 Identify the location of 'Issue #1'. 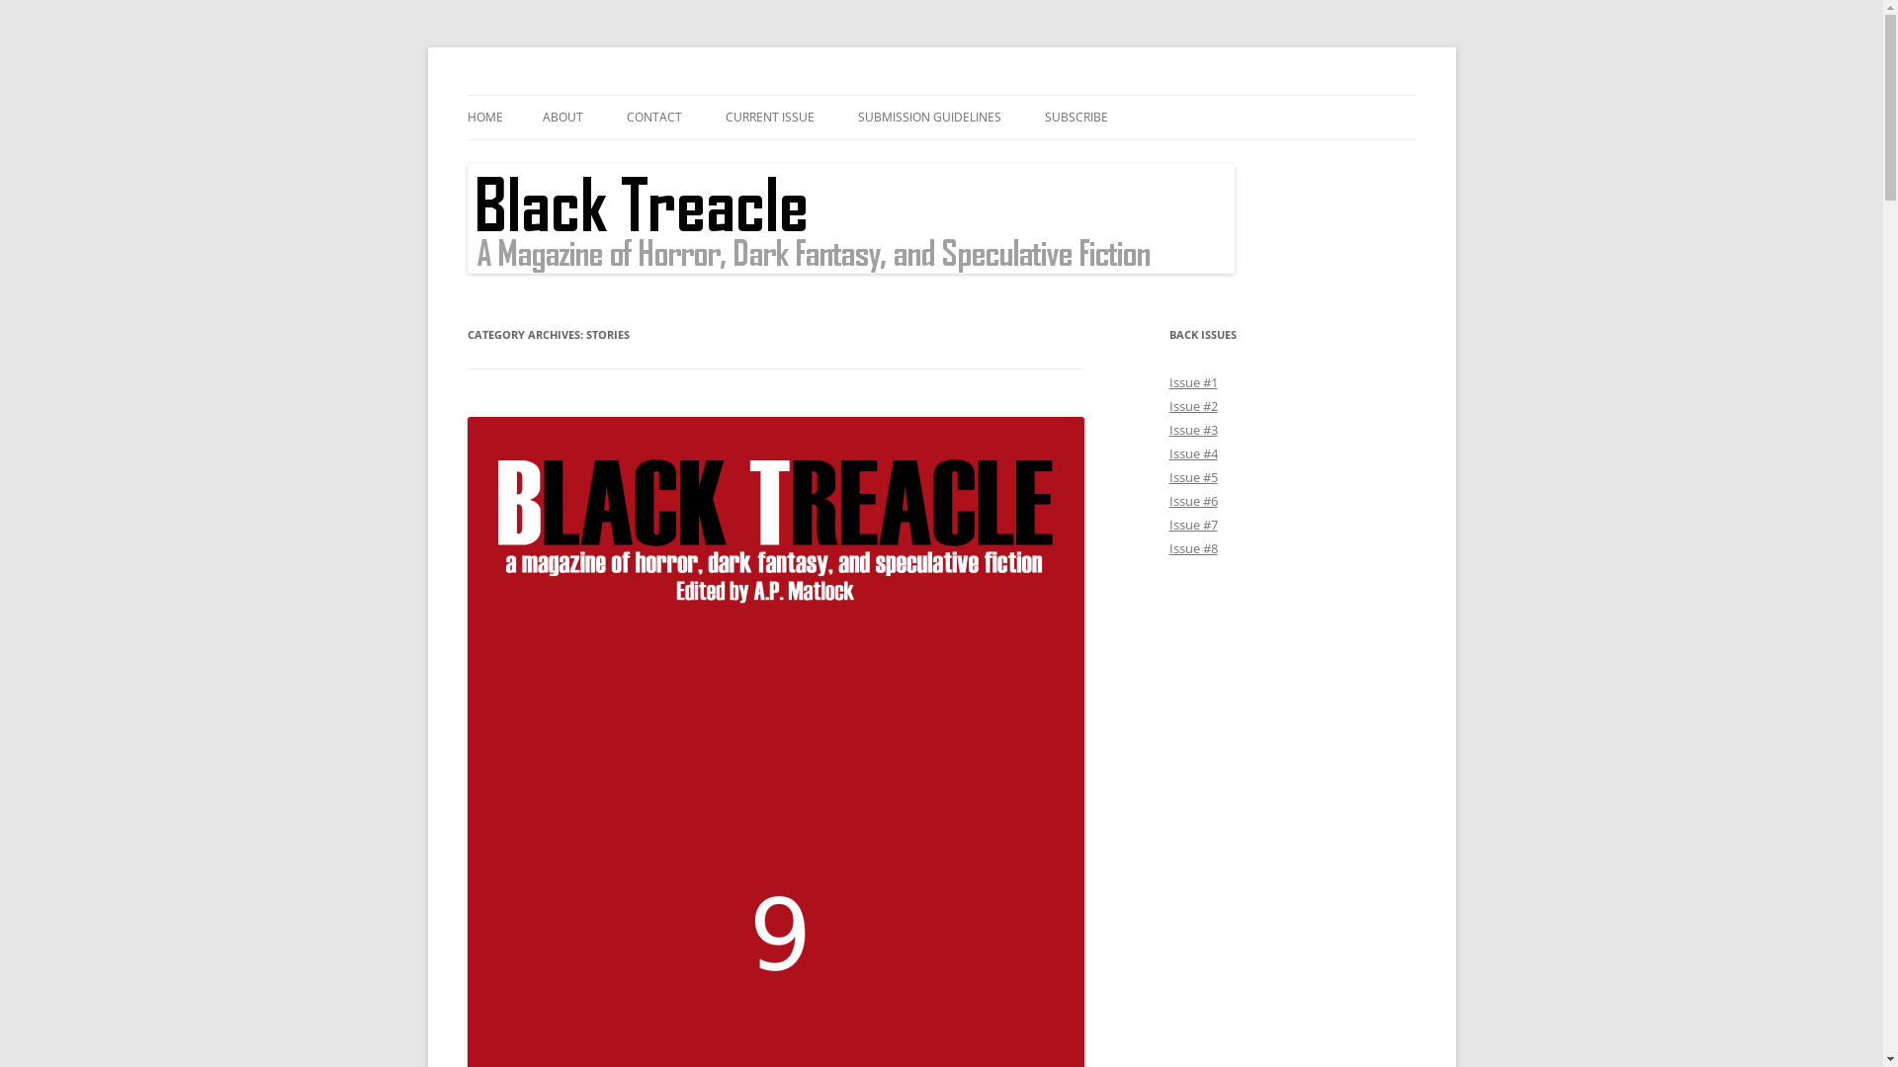
(1191, 381).